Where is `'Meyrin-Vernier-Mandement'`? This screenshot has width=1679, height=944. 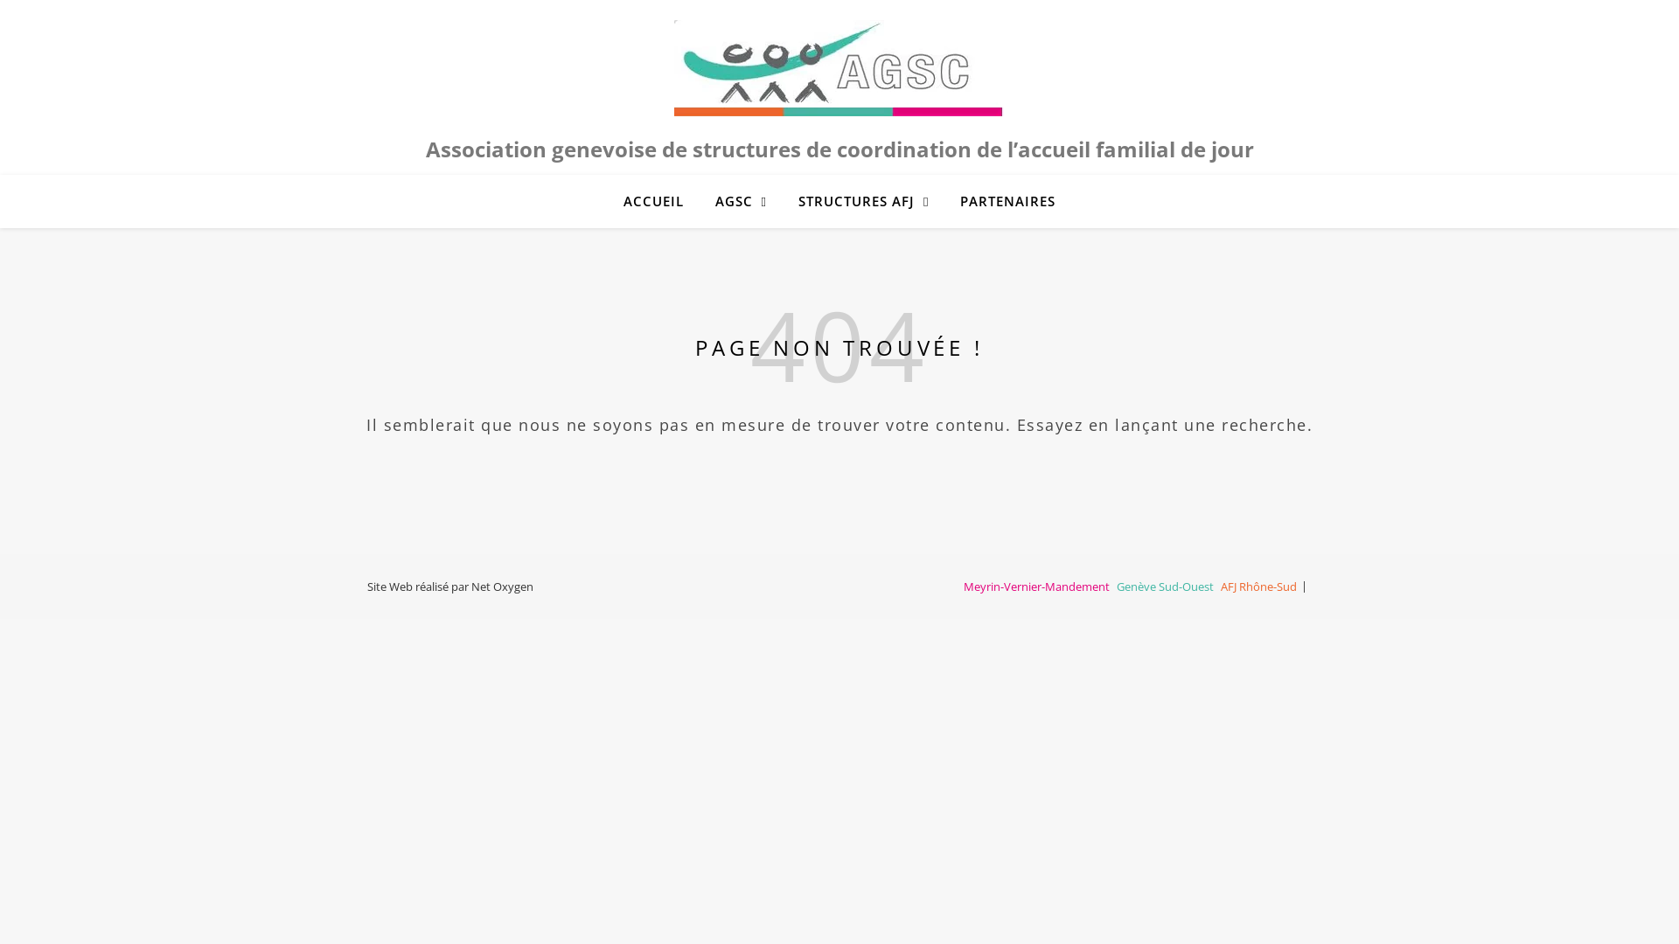
'Meyrin-Vernier-Mandement' is located at coordinates (1036, 587).